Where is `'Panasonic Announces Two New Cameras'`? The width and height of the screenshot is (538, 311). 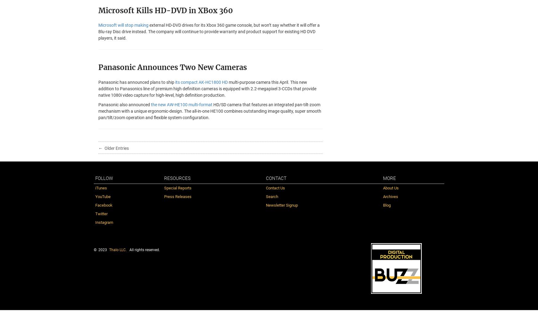
'Panasonic Announces Two New Cameras' is located at coordinates (172, 67).